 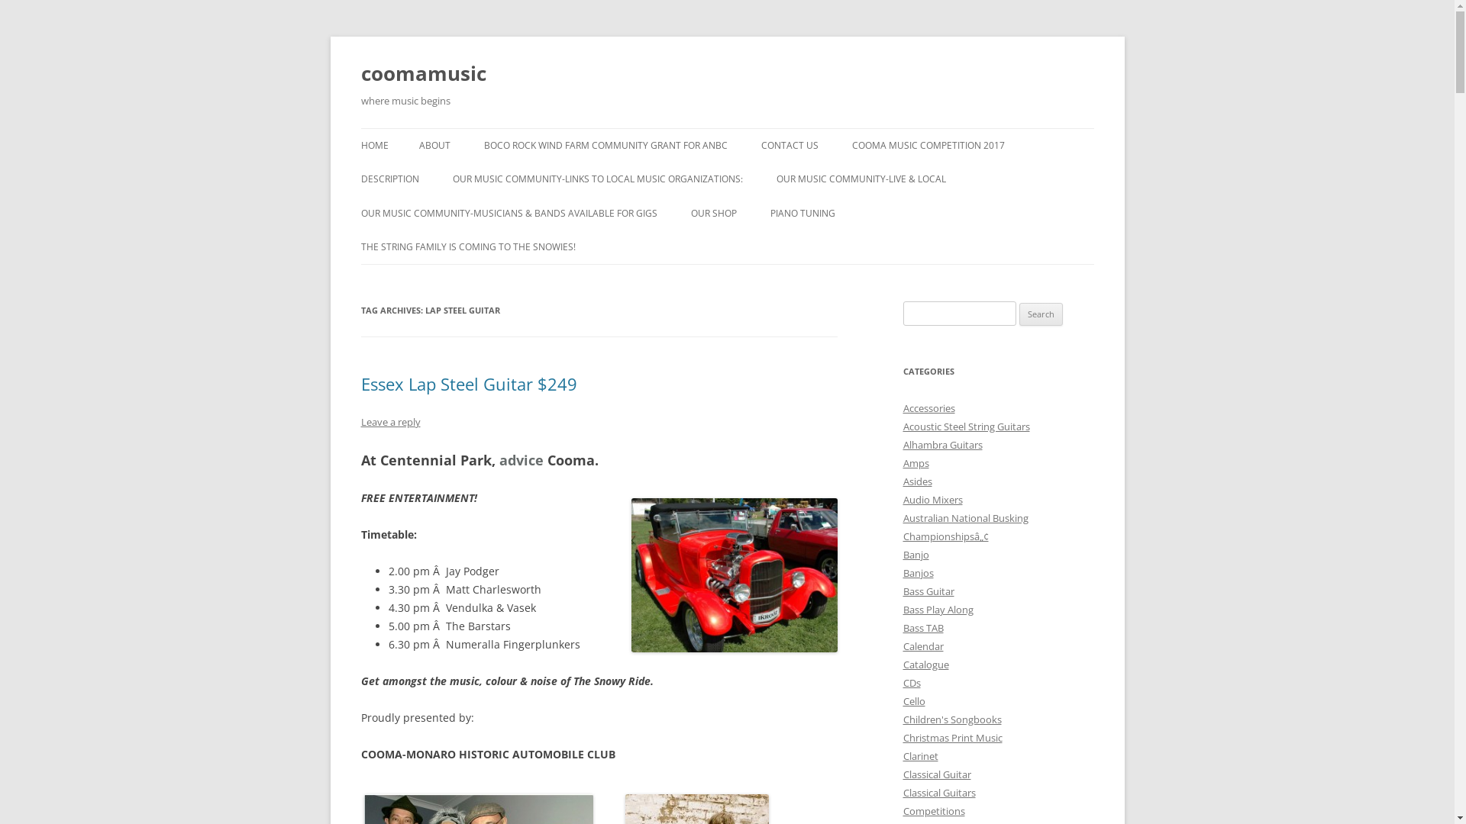 I want to click on 'DESCRIPTION', so click(x=389, y=179).